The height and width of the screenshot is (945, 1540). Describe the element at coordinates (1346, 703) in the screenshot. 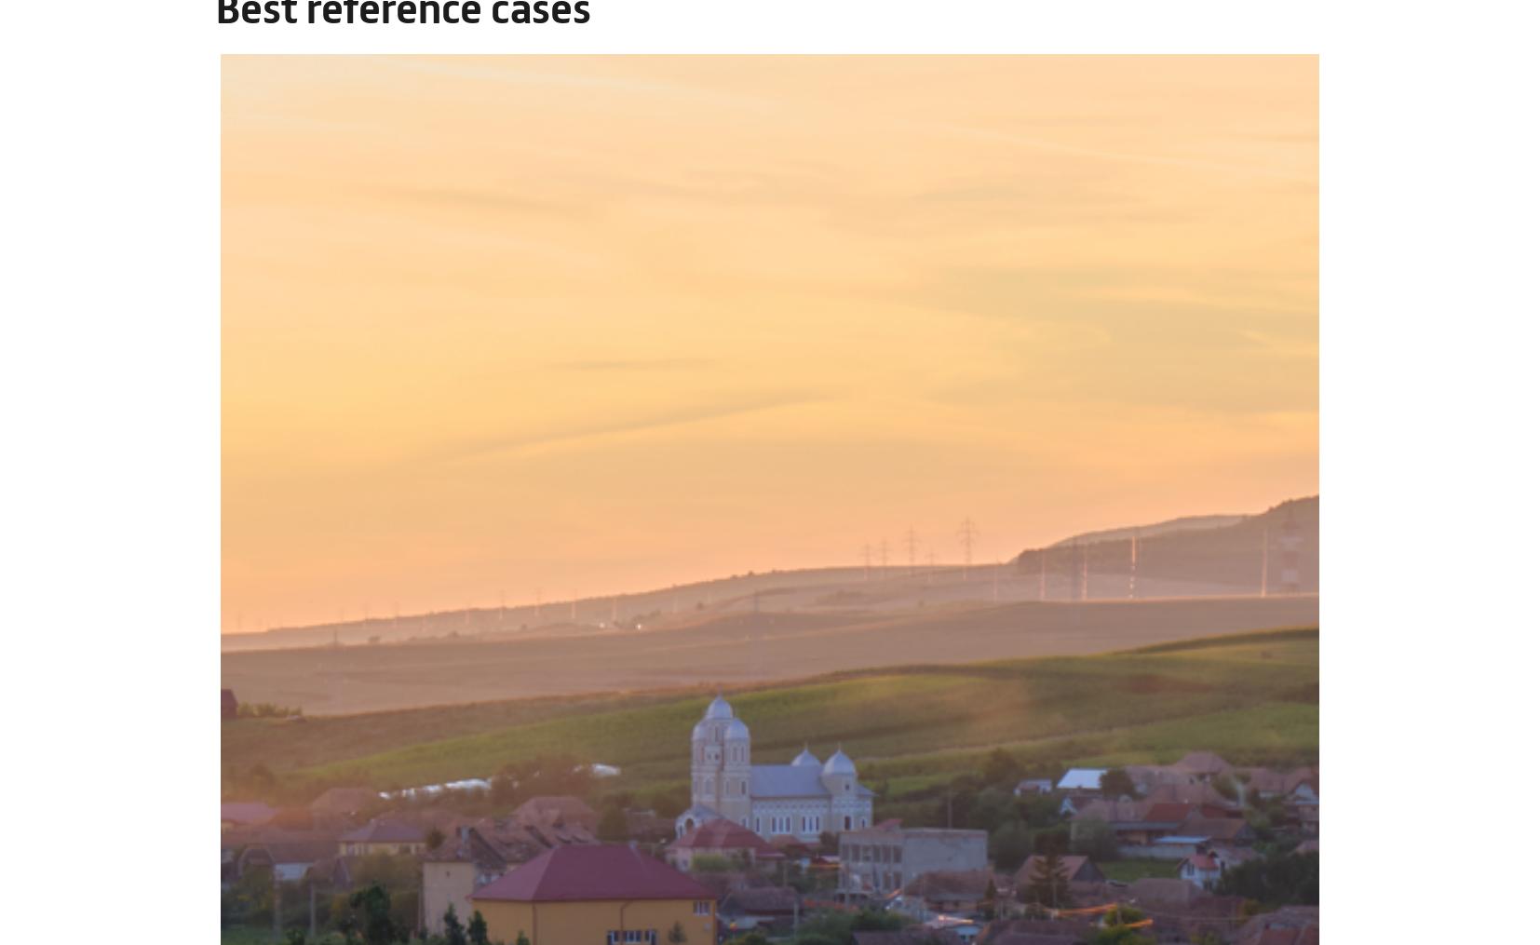

I see `'Allow all cookies'` at that location.